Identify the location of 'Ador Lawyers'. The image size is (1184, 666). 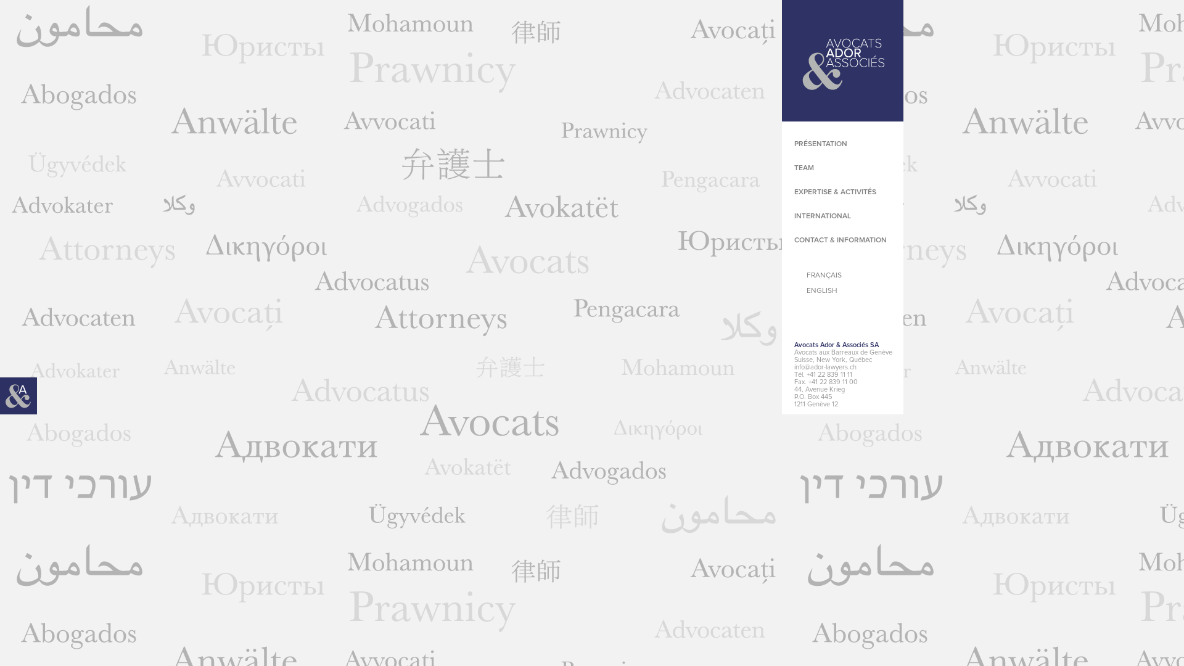
(842, 60).